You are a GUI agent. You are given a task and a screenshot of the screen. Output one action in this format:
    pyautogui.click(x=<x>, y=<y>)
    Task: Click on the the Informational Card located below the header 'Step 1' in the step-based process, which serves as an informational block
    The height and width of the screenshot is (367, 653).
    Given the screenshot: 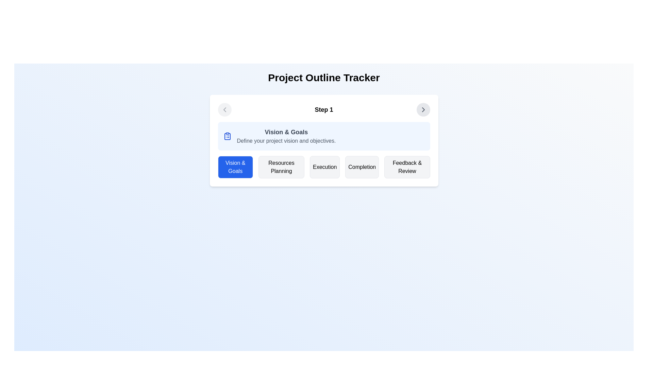 What is the action you would take?
    pyautogui.click(x=323, y=136)
    